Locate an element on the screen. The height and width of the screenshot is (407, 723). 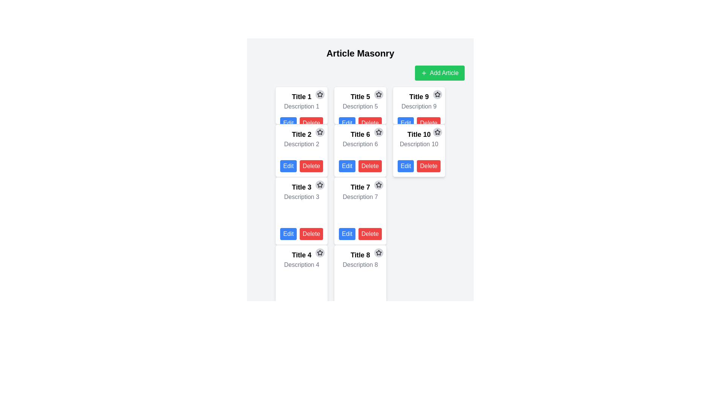
the red 'Delete' button with white text, which is the second button in a horizontal group is located at coordinates (370, 234).